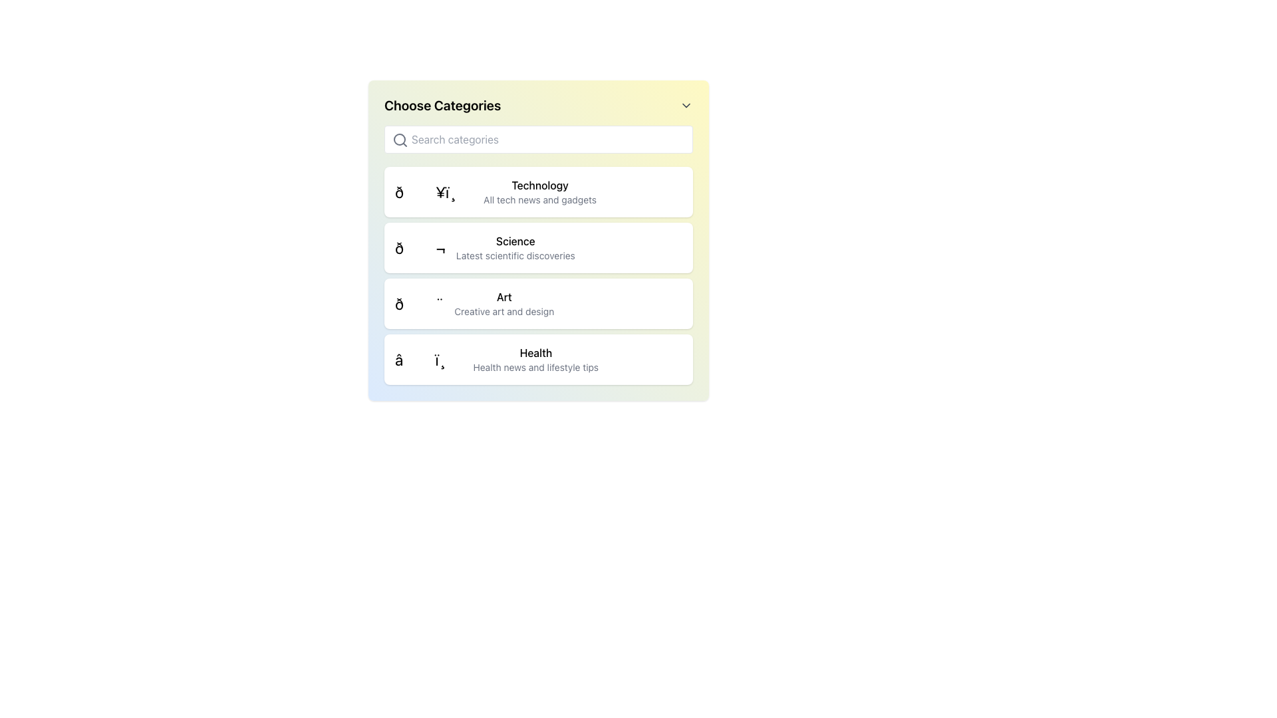 The image size is (1277, 718). I want to click on the text label 'Health' which is the heading of the fourth list item in the 'Choose Categories' menu, so click(535, 352).